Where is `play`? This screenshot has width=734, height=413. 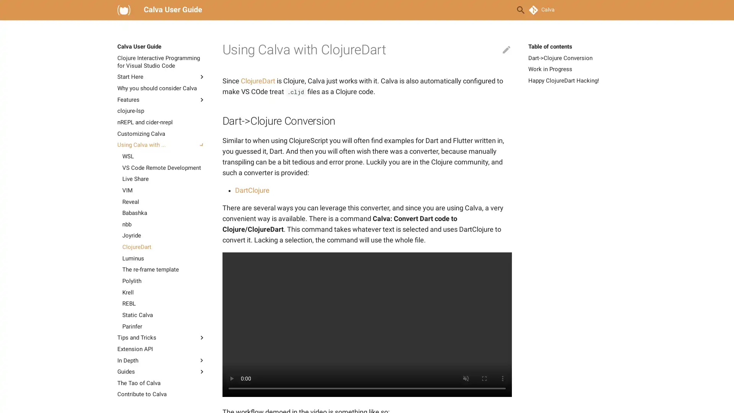
play is located at coordinates (231, 379).